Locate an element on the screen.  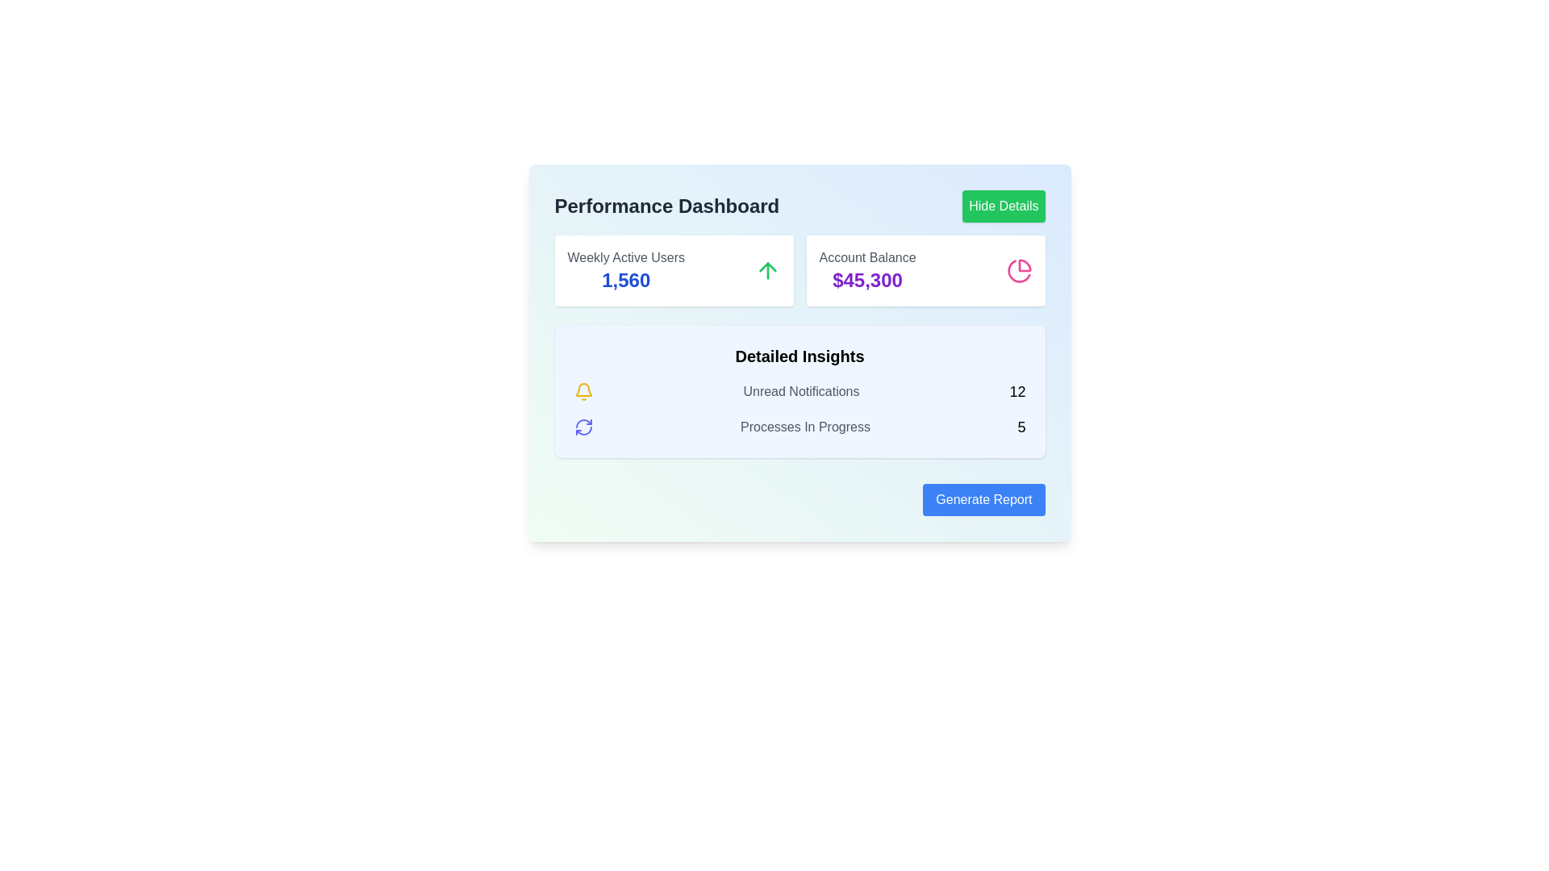
the numeric value displayed in the Text Display Component that shows the weekly active user count, located on the left side of the dashboard interface is located at coordinates (625, 269).